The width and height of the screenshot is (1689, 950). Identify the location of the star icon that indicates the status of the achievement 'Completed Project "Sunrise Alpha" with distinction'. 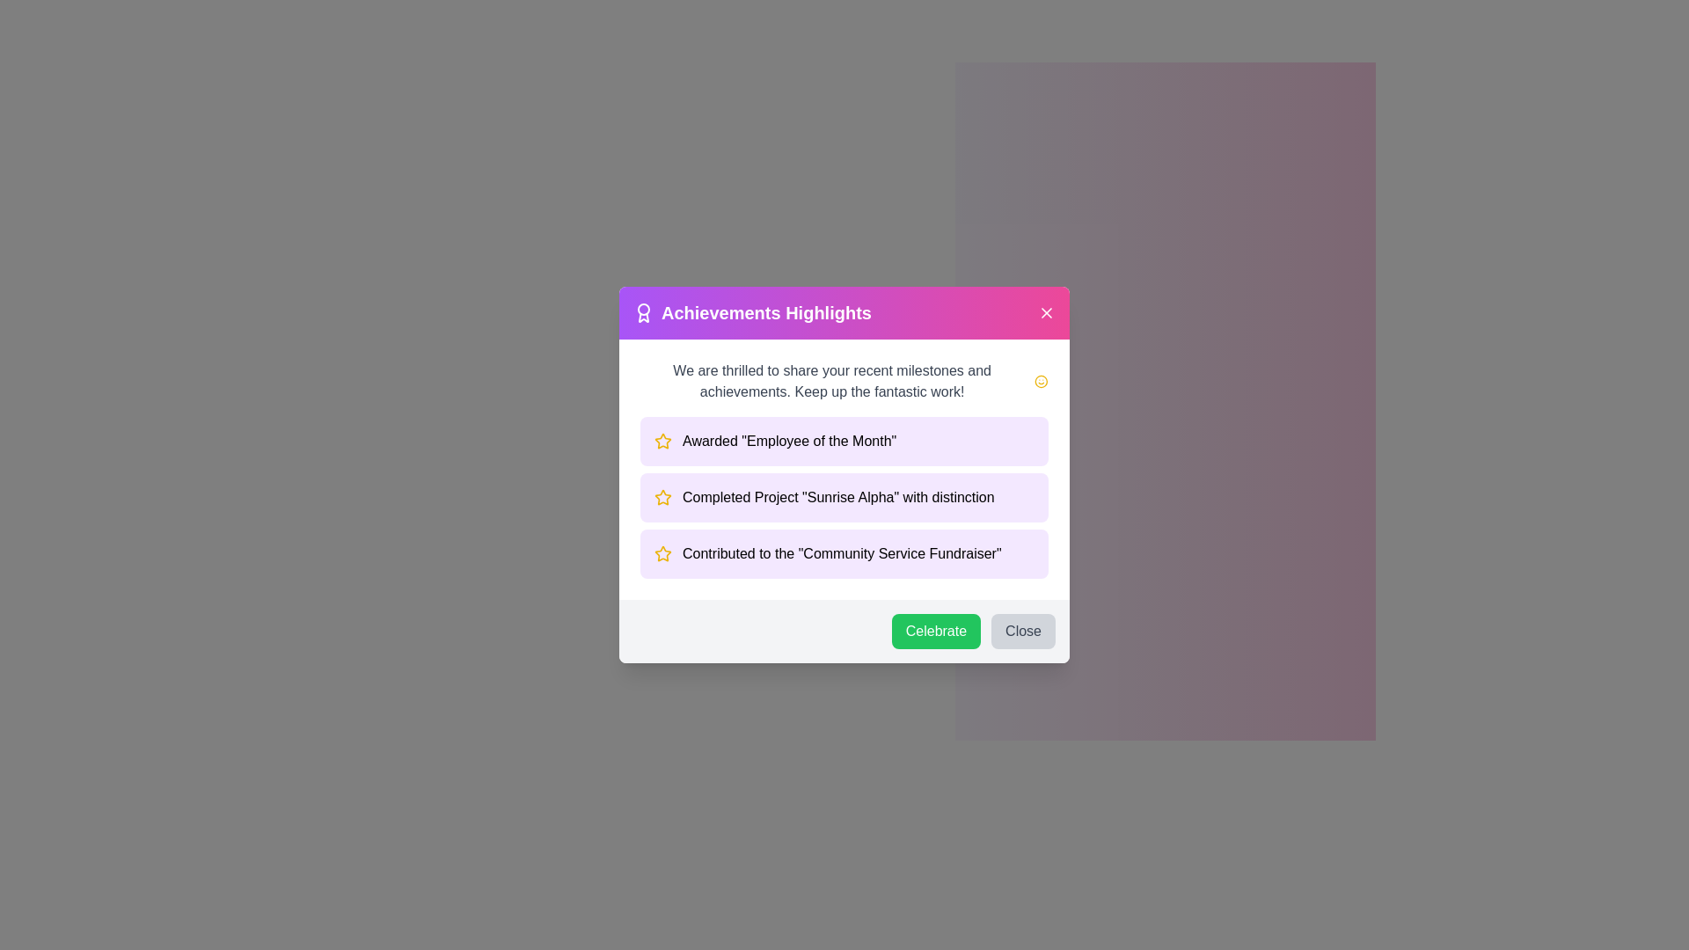
(662, 498).